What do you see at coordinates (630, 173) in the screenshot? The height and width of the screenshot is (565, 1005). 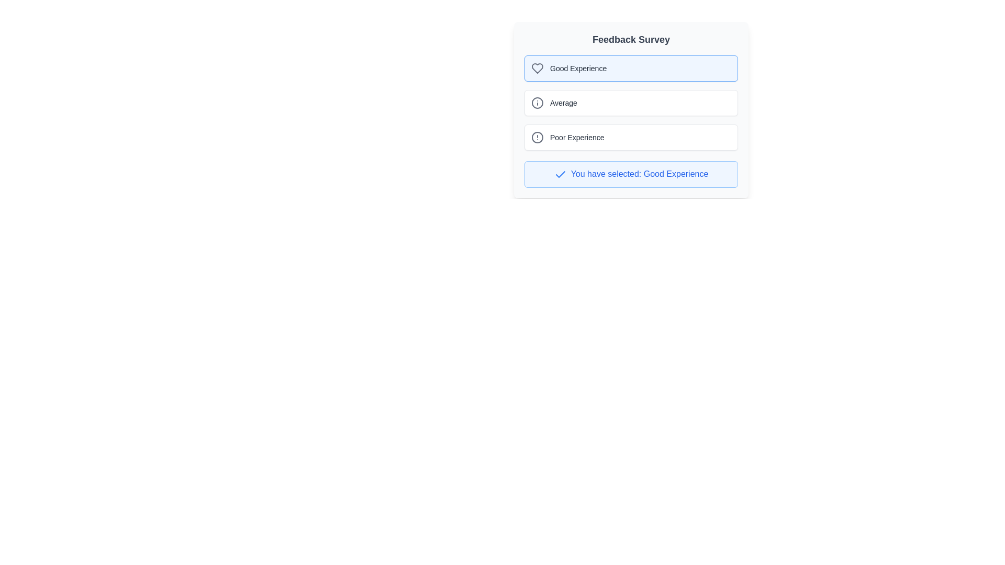 I see `confirmation message from the Notification box indicating the user's selection of 'Good Experience', located at the bottom of the Feedback Survey component` at bounding box center [630, 173].